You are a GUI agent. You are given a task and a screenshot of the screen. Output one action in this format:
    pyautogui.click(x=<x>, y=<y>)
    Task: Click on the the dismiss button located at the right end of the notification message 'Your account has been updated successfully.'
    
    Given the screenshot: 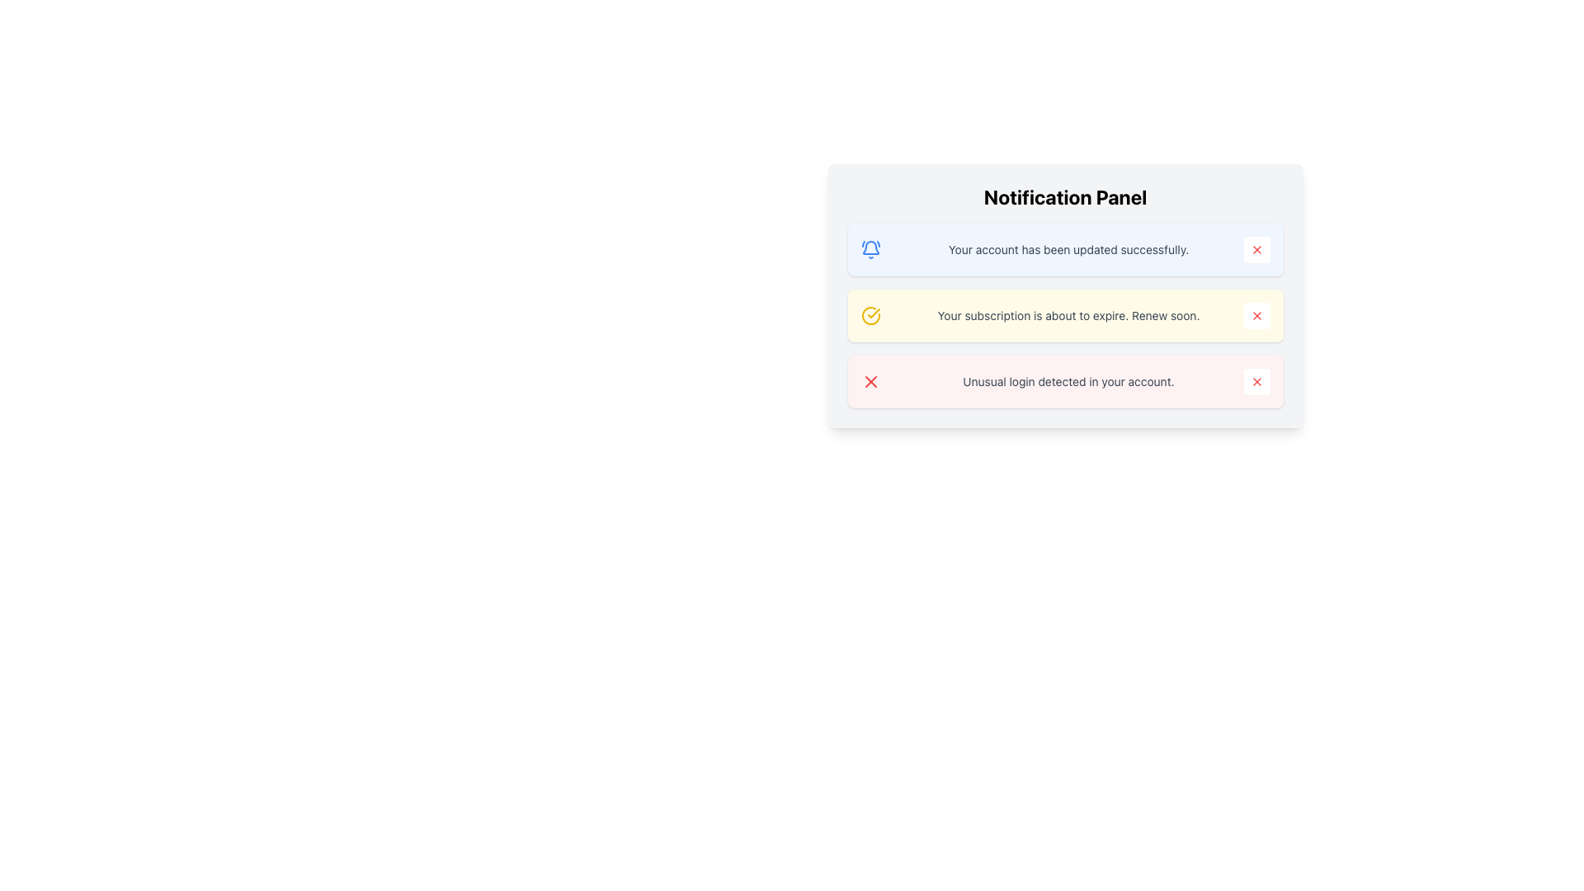 What is the action you would take?
    pyautogui.click(x=1256, y=250)
    